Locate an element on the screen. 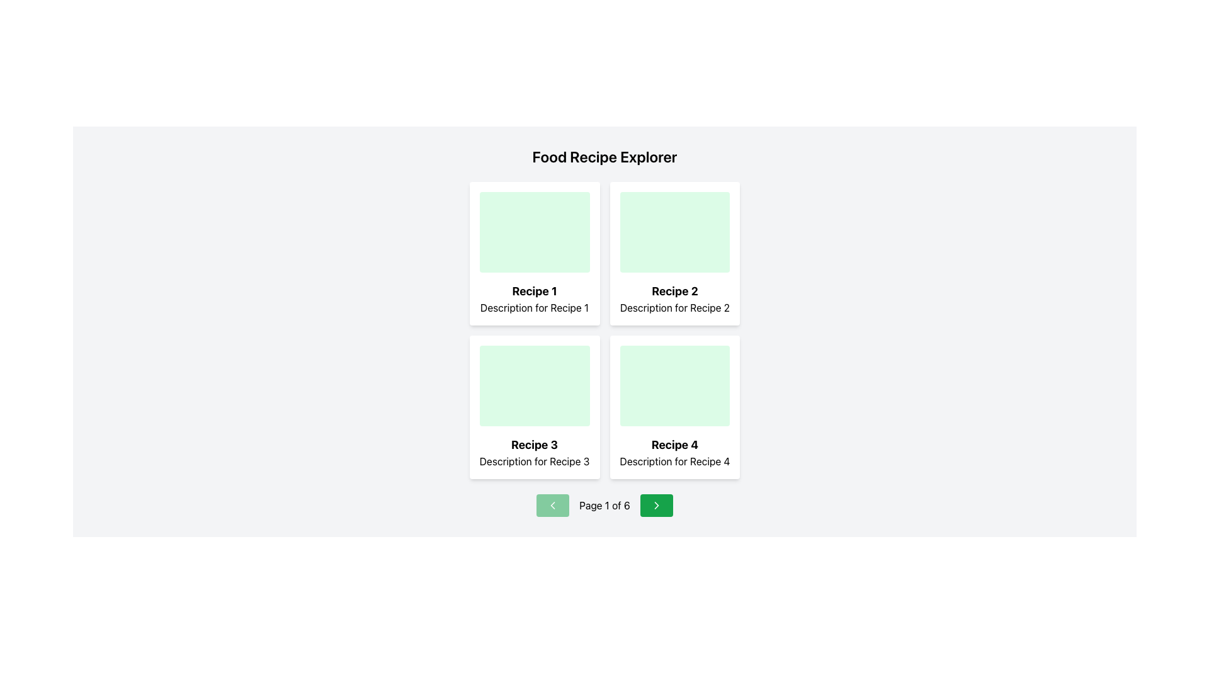  the fourth recipe card titled 'Recipe 4' located in the bottom-right position of the grid is located at coordinates (674, 407).